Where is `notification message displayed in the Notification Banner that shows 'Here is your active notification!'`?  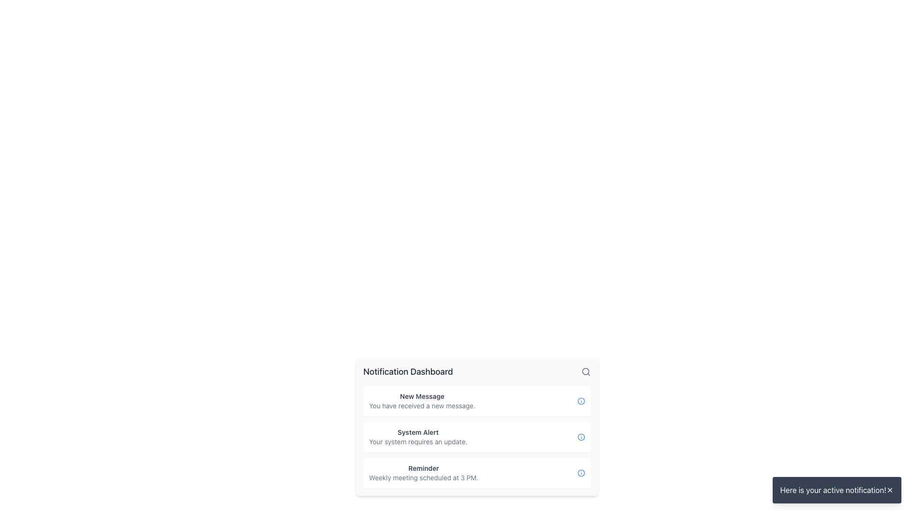
notification message displayed in the Notification Banner that shows 'Here is your active notification!' is located at coordinates (837, 490).